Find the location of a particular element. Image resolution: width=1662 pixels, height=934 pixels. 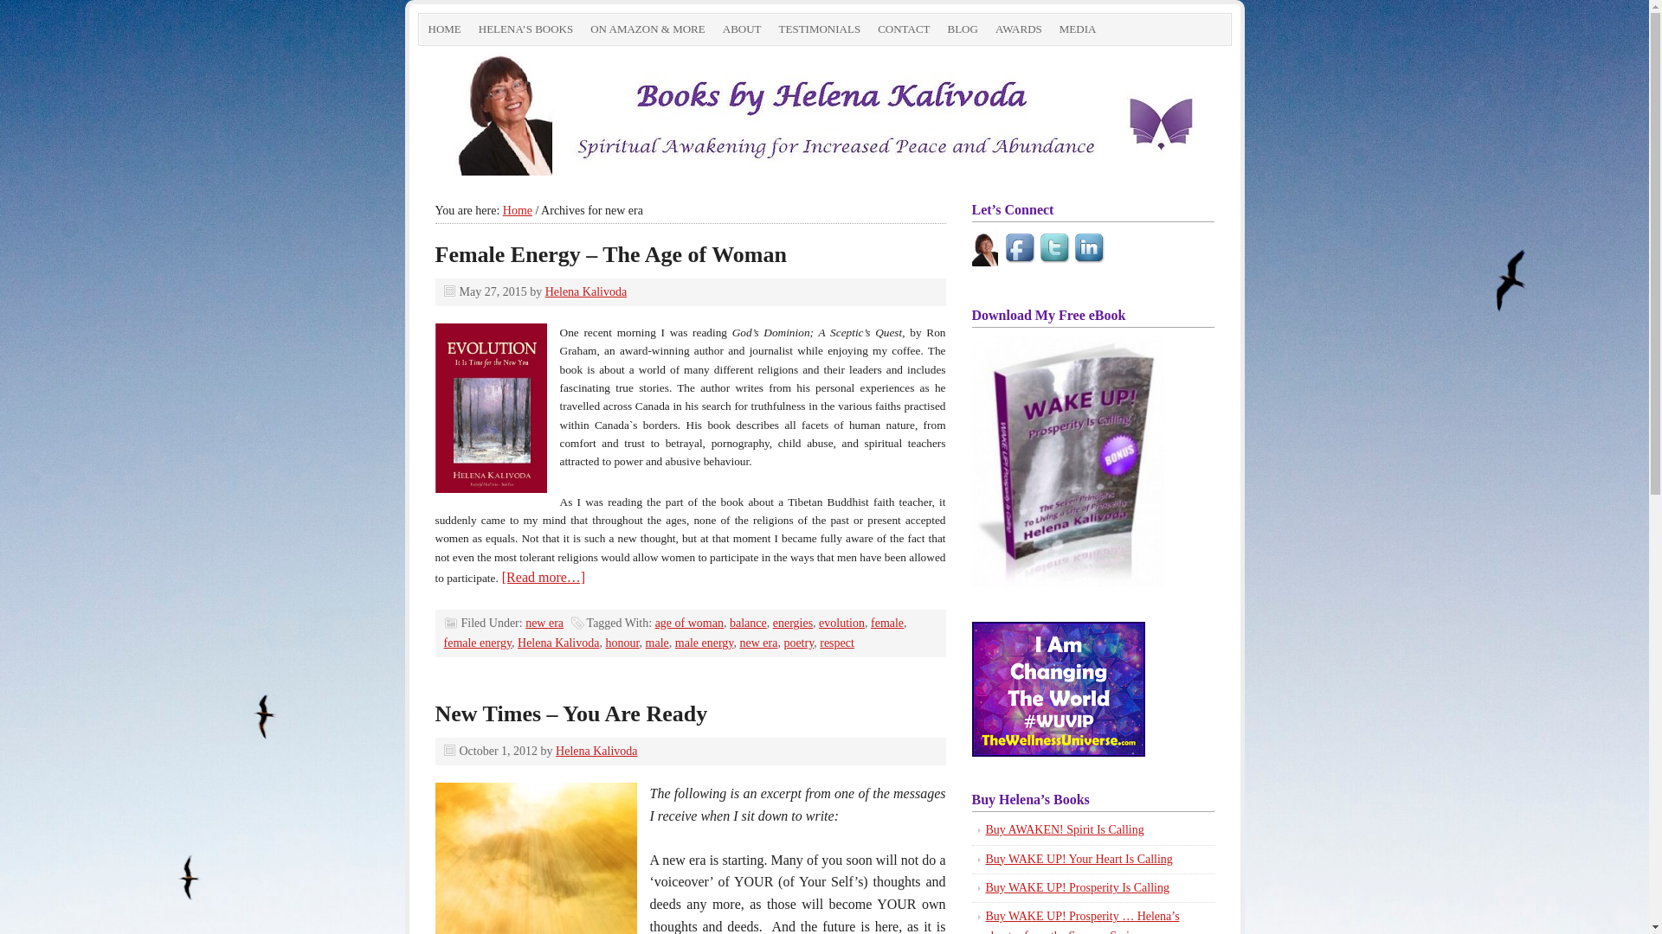

'respect' is located at coordinates (818, 643).